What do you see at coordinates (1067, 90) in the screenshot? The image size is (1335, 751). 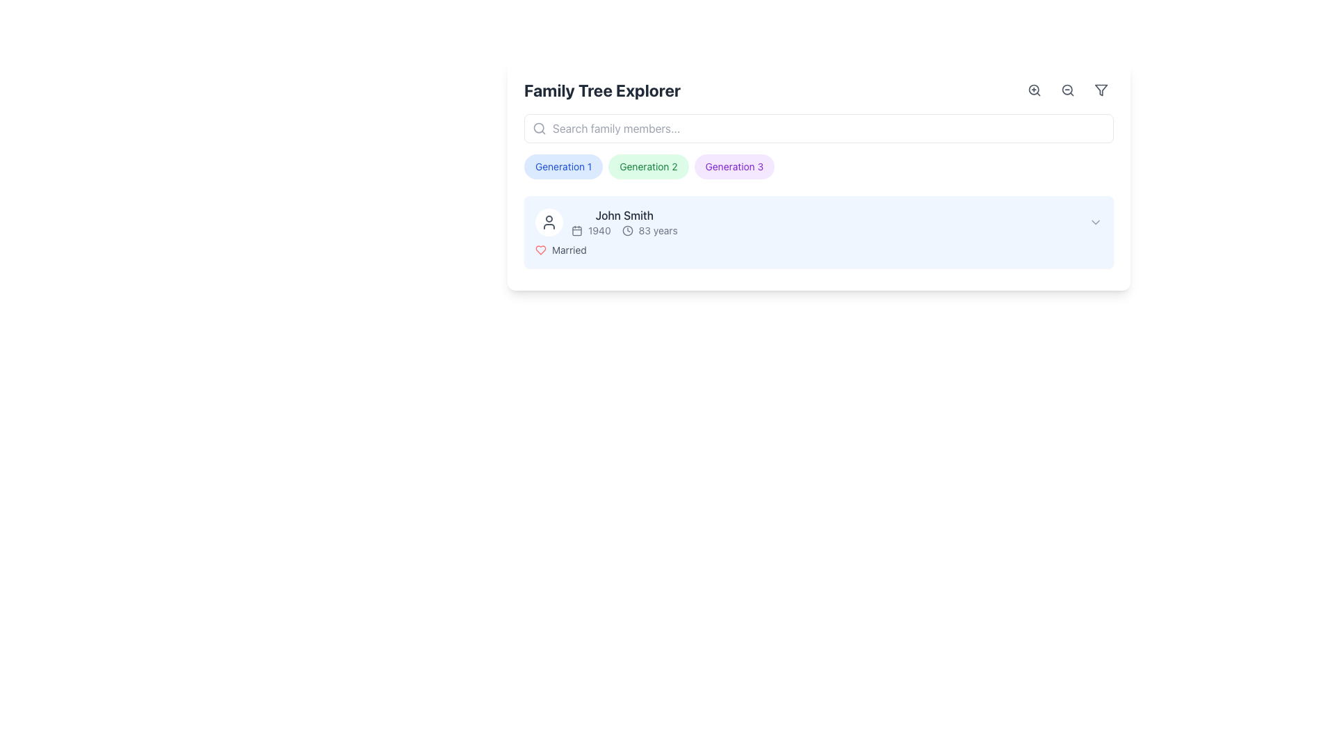 I see `the circular icon button featuring a magnifying glass with a minus sign, located in the top-right corner of the interface between two other buttons` at bounding box center [1067, 90].